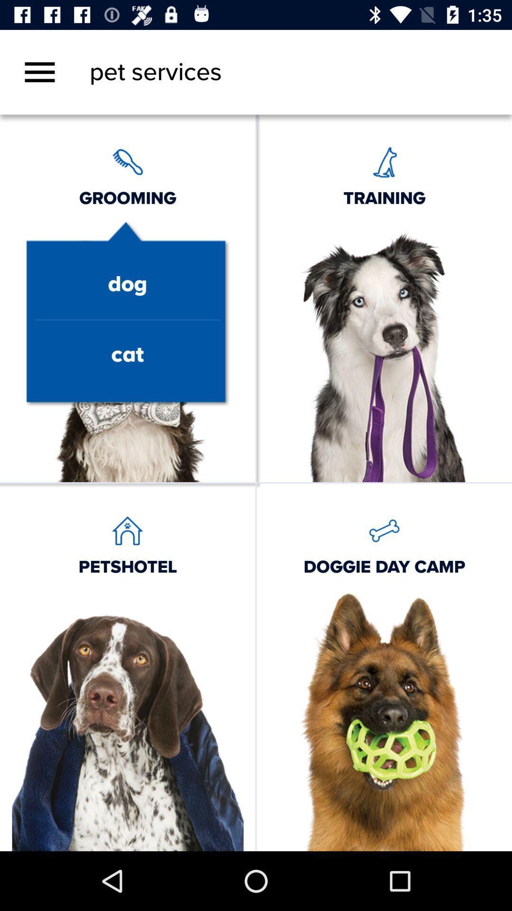  What do you see at coordinates (127, 284) in the screenshot?
I see `the icon below the grooming icon` at bounding box center [127, 284].